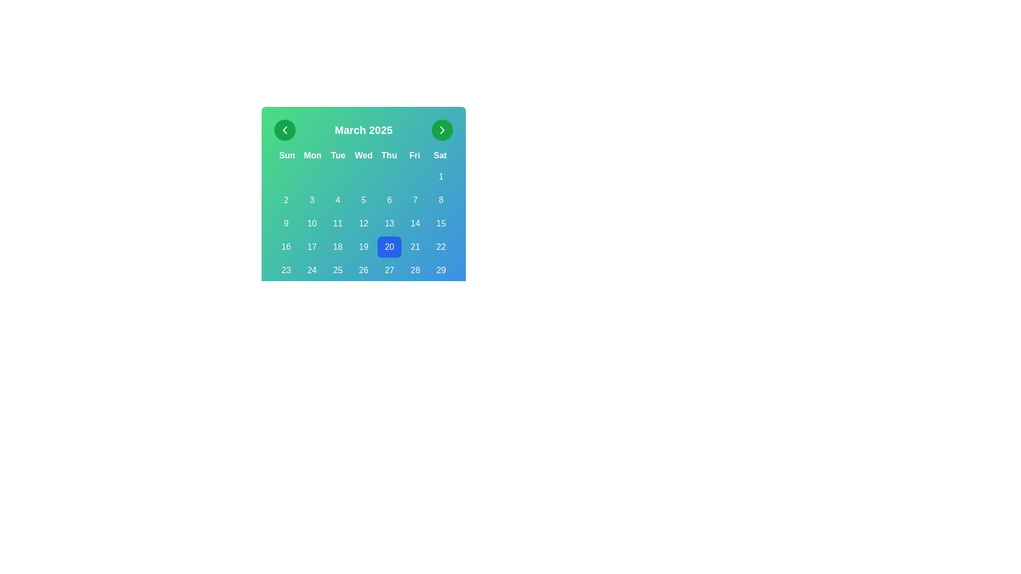  I want to click on the calendar cell displaying the number '11', so click(337, 223).